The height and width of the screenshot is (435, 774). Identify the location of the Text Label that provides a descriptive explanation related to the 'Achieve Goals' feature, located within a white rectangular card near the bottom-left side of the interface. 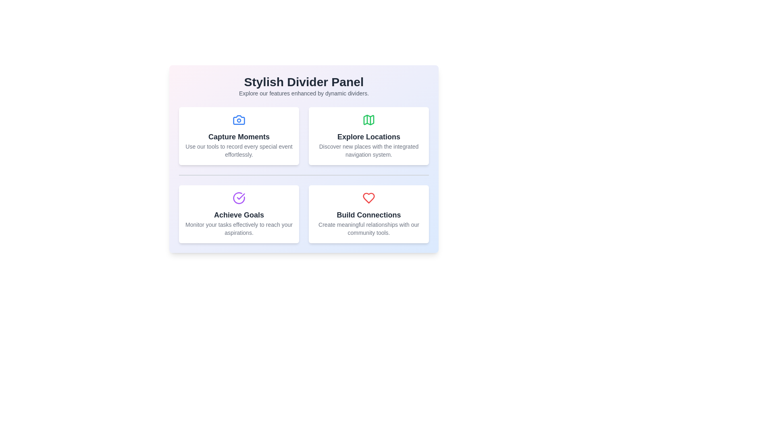
(239, 228).